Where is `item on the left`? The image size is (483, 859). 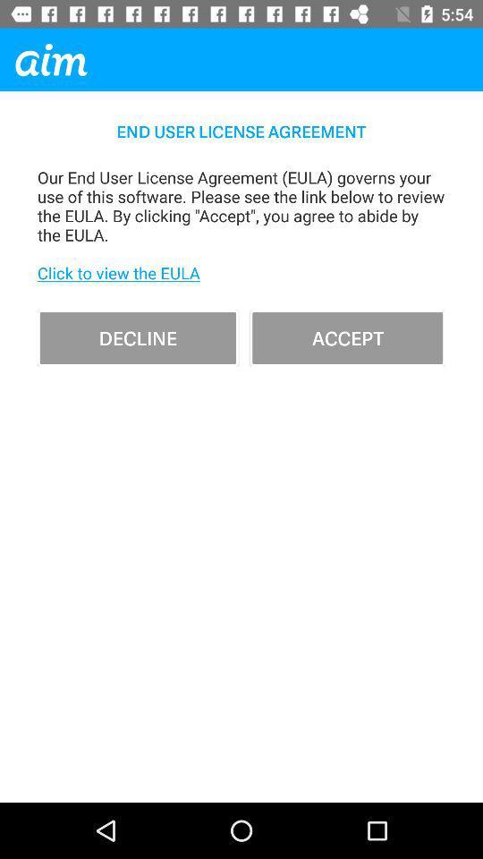 item on the left is located at coordinates (137, 336).